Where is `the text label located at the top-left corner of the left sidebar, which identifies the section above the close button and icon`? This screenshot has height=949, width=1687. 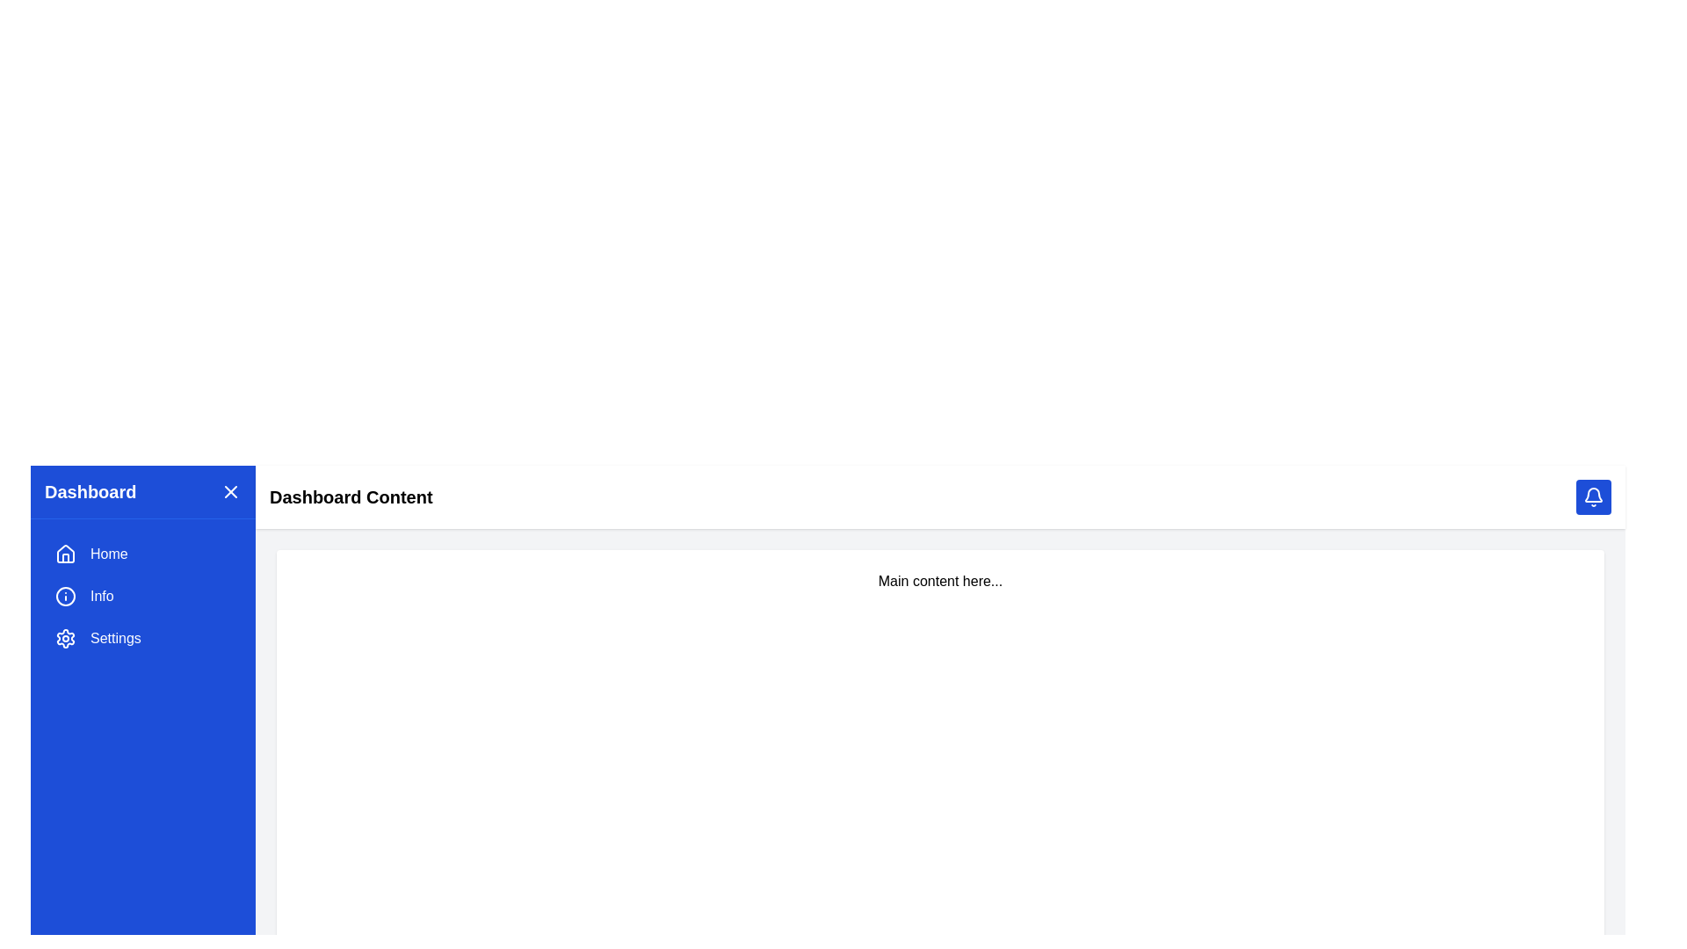 the text label located at the top-left corner of the left sidebar, which identifies the section above the close button and icon is located at coordinates (90, 491).